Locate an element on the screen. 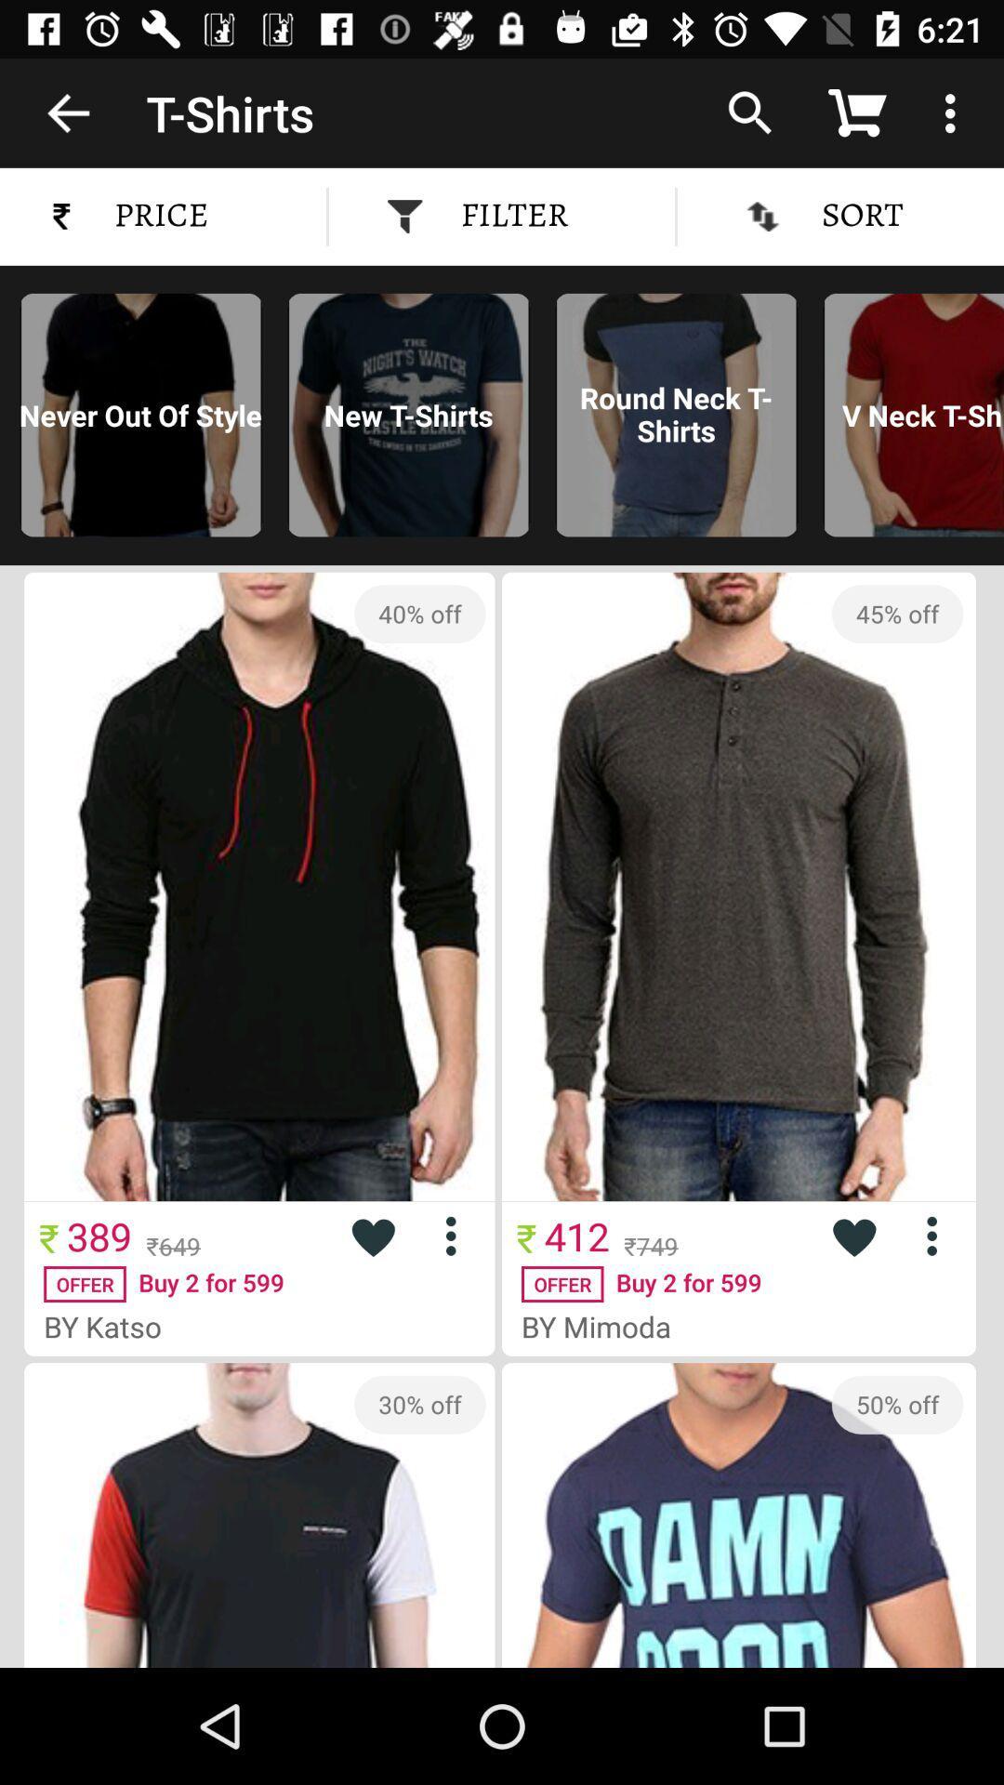 Image resolution: width=1004 pixels, height=1785 pixels. item above sort icon is located at coordinates (748, 112).